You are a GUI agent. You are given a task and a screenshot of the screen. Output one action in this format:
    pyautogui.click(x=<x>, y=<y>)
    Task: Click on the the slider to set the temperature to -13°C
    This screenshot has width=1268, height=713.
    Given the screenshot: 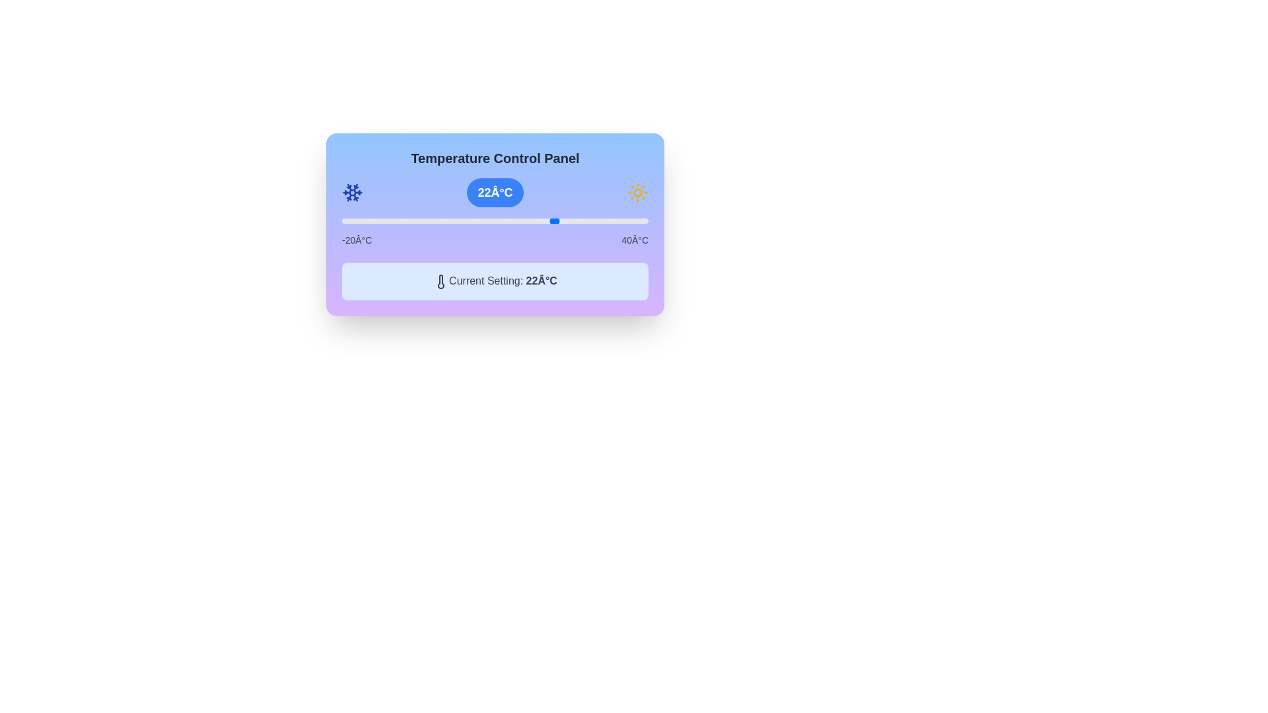 What is the action you would take?
    pyautogui.click(x=377, y=221)
    